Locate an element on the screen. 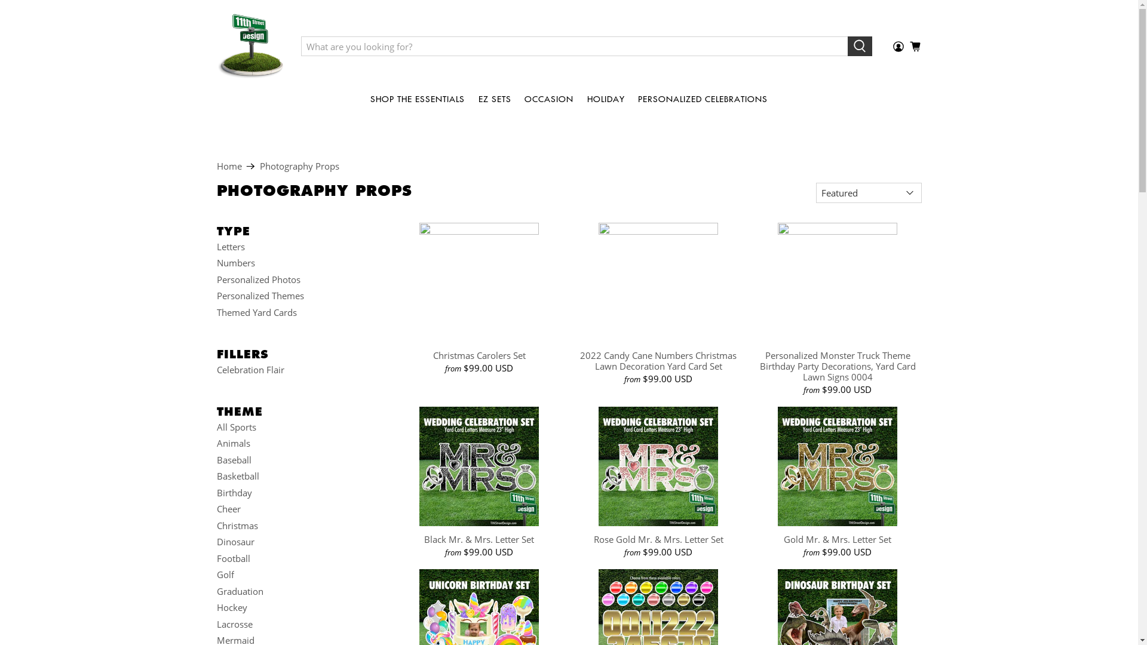 The width and height of the screenshot is (1147, 645). 'SHOP THE ESSENTIALS' is located at coordinates (418, 98).